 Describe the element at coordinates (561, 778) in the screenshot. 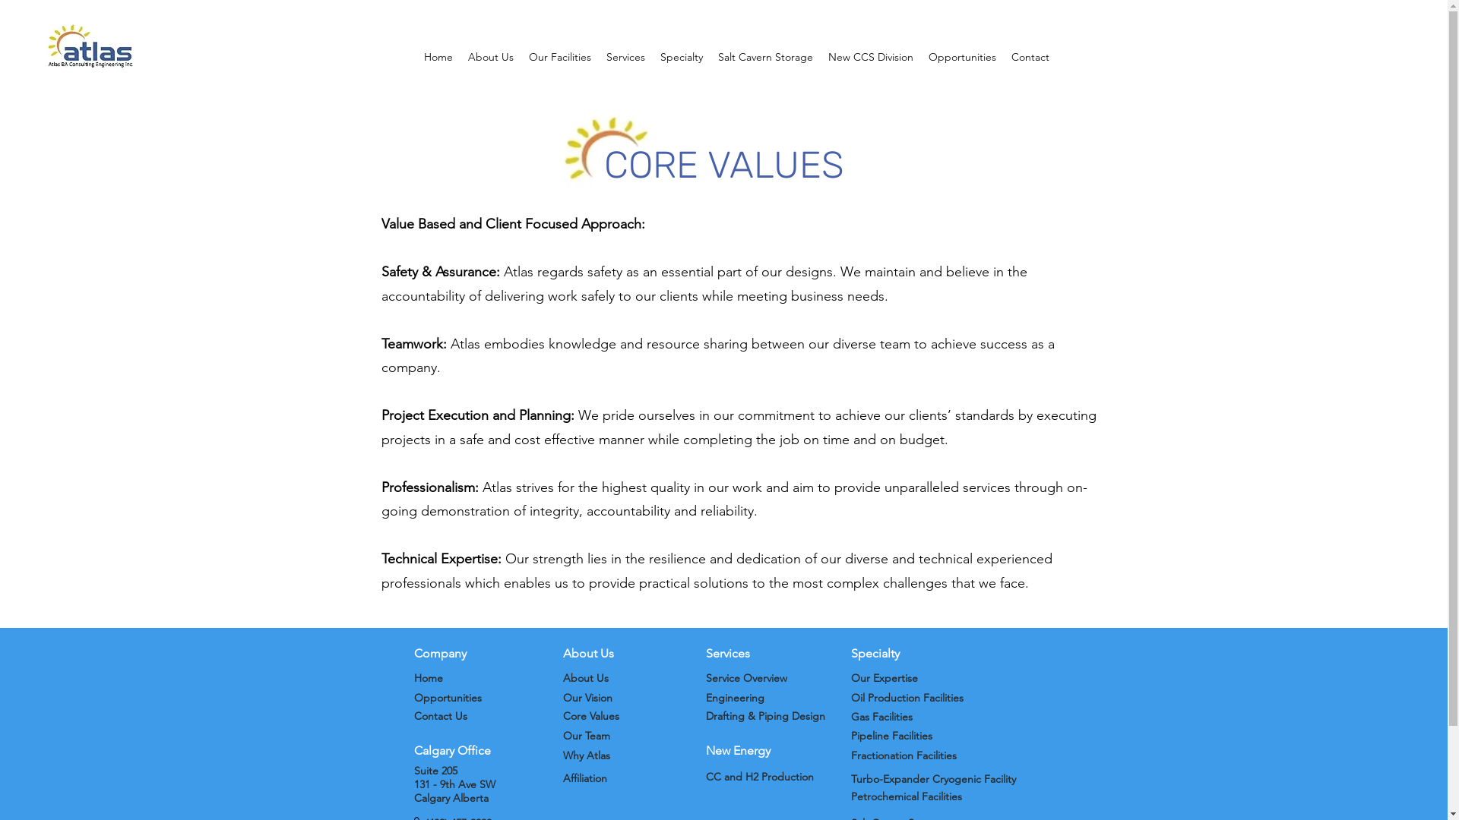

I see `'Affiliation'` at that location.